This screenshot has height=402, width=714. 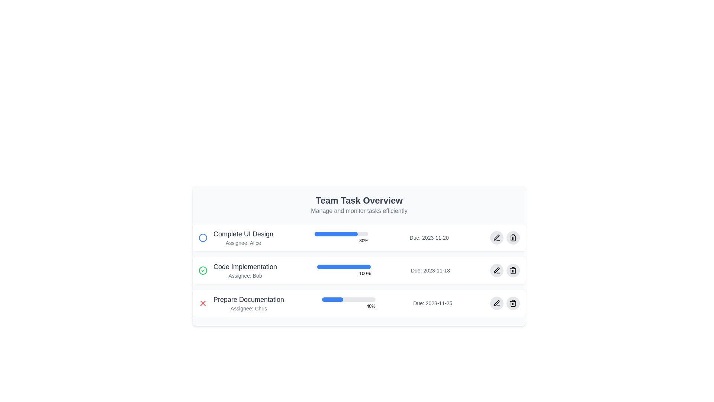 I want to click on the circular Graphic Icon that indicates the status of the task 'Complete UI Design', which is located to the left of the task entry, so click(x=203, y=238).